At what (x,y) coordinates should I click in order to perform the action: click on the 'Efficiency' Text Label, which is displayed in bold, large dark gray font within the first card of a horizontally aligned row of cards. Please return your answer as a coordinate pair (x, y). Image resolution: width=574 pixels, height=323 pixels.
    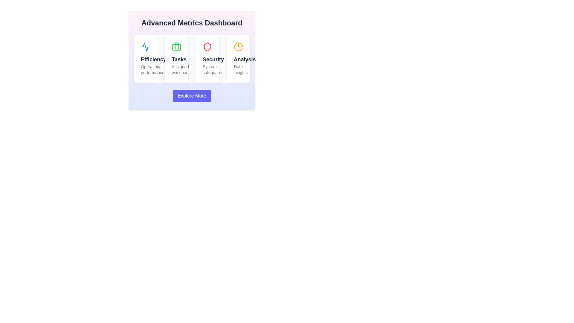
    Looking at the image, I should click on (145, 60).